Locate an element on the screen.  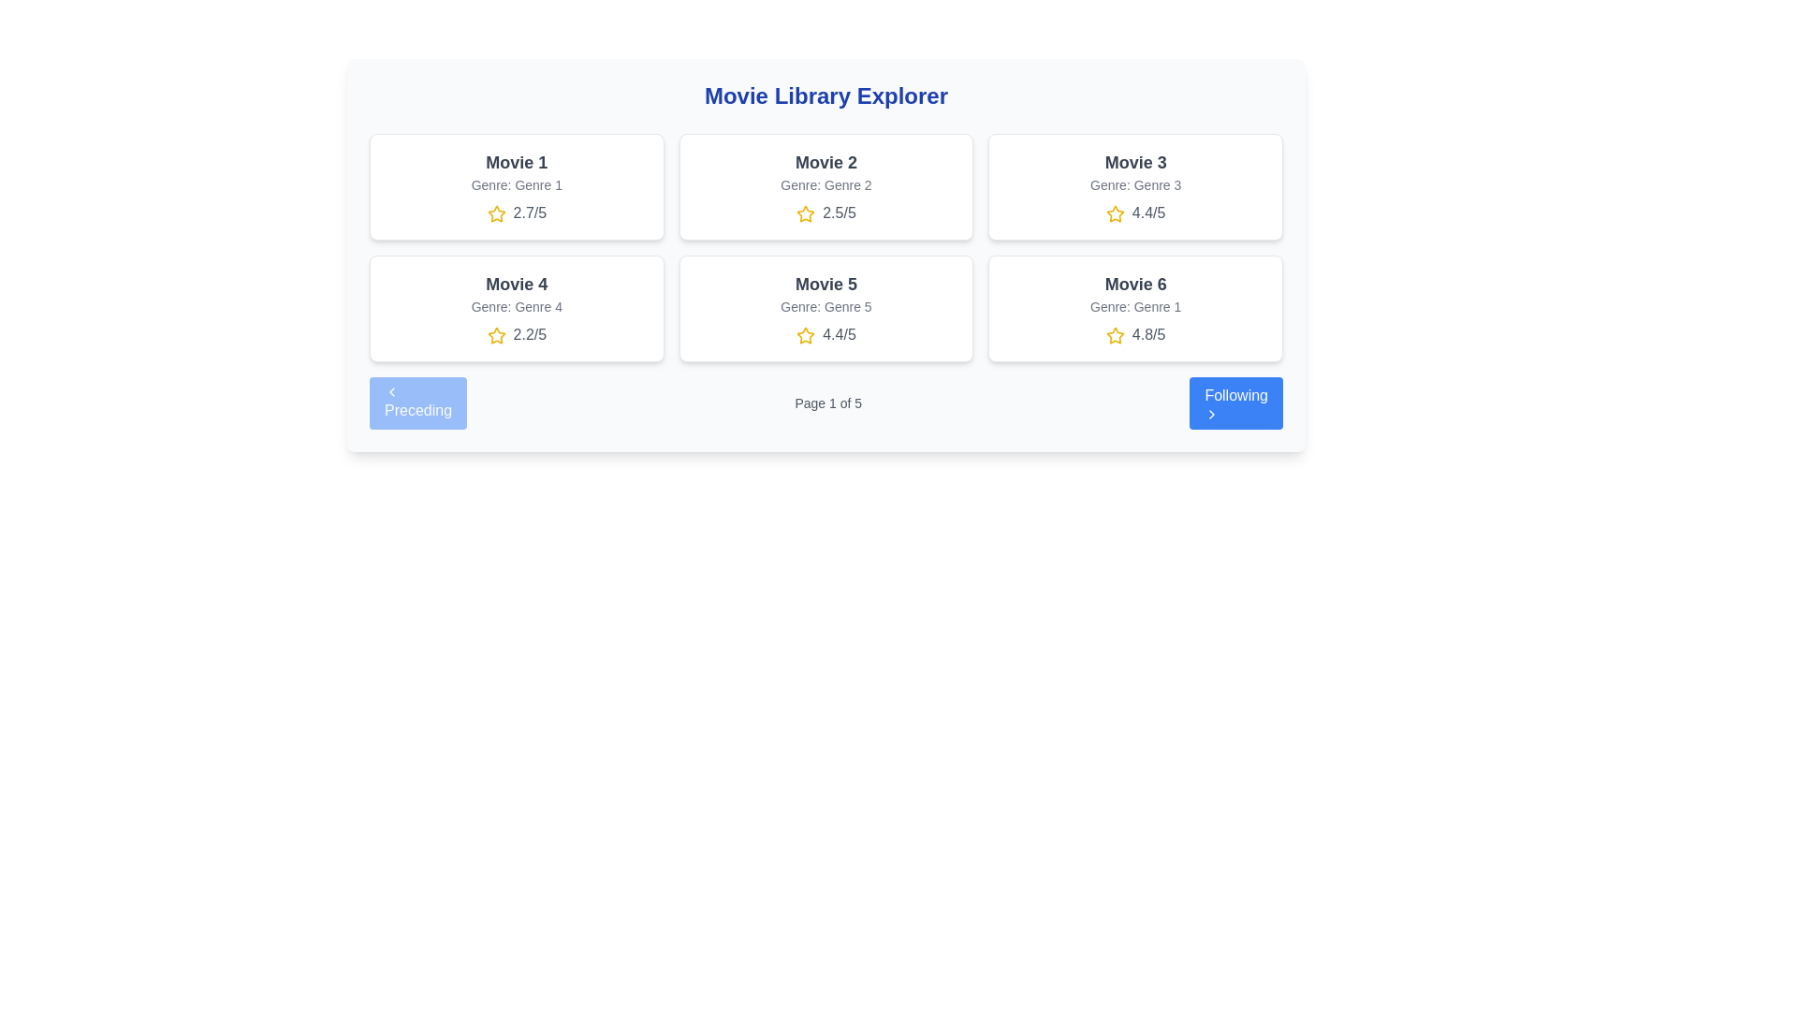
the yellow star icon located to the left of the rating text '4.8/5' is located at coordinates (1115, 334).